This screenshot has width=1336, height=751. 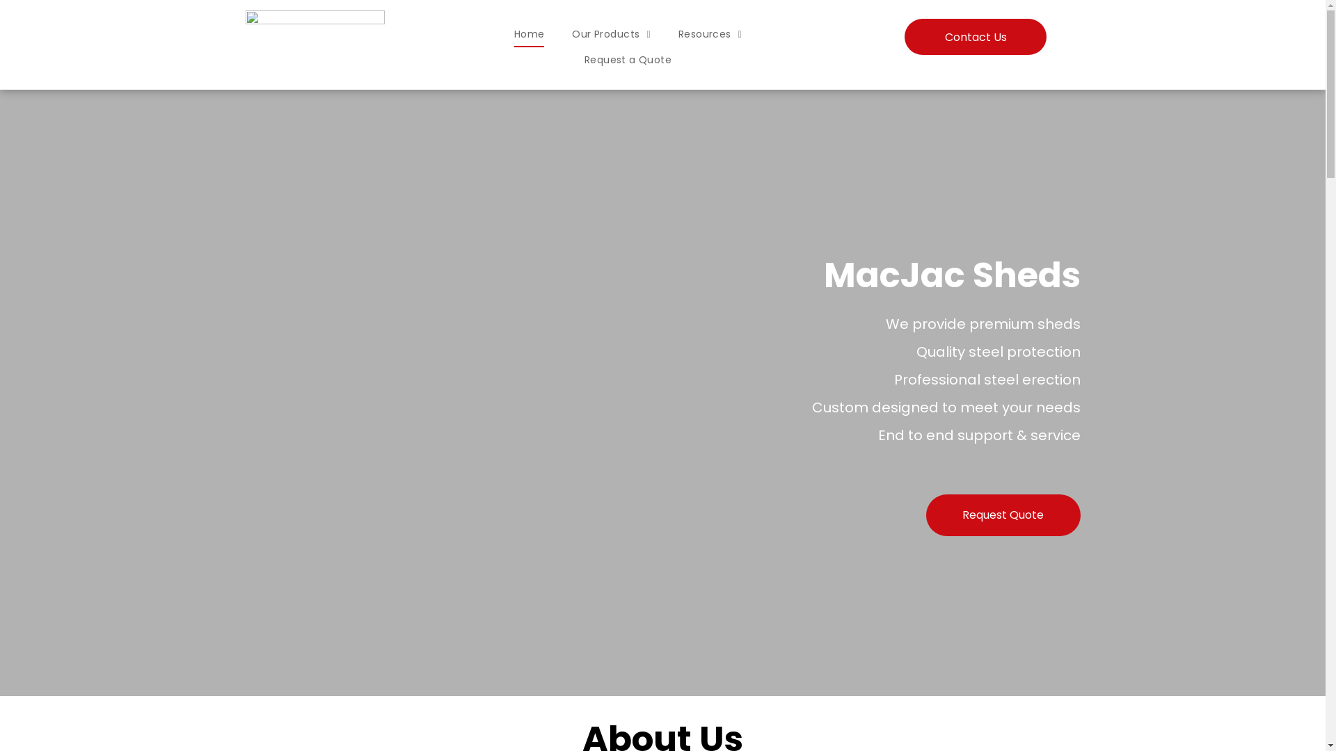 I want to click on 'Contact Us', so click(x=974, y=36).